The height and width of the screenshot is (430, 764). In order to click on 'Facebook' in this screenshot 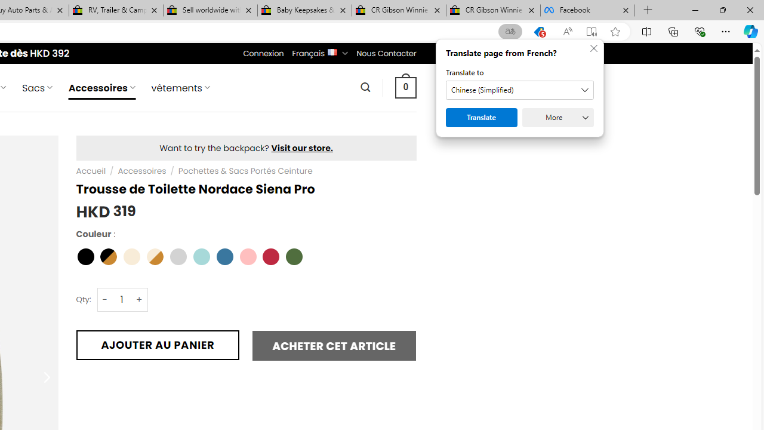, I will do `click(587, 10)`.